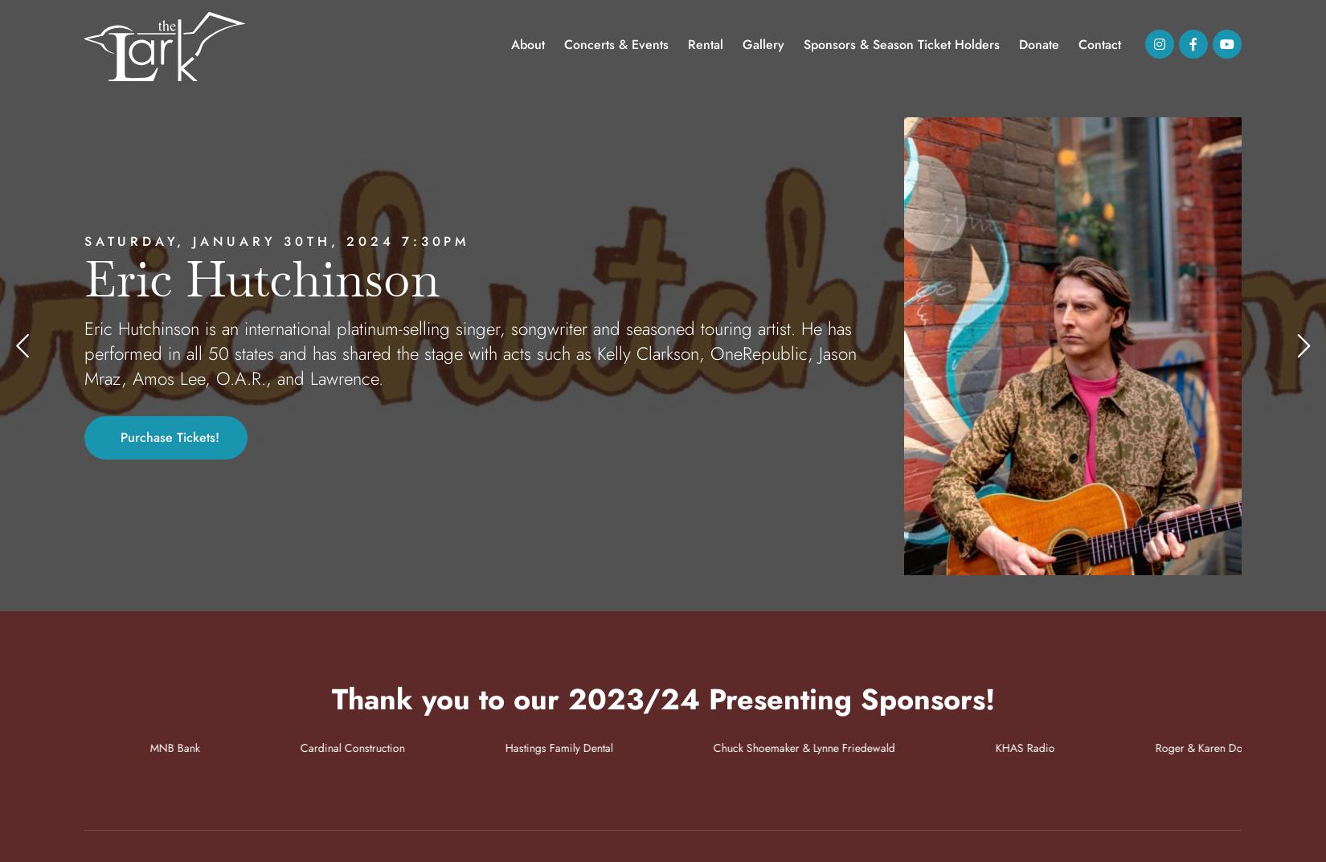 The width and height of the screenshot is (1326, 862). What do you see at coordinates (1099, 43) in the screenshot?
I see `'Contact'` at bounding box center [1099, 43].